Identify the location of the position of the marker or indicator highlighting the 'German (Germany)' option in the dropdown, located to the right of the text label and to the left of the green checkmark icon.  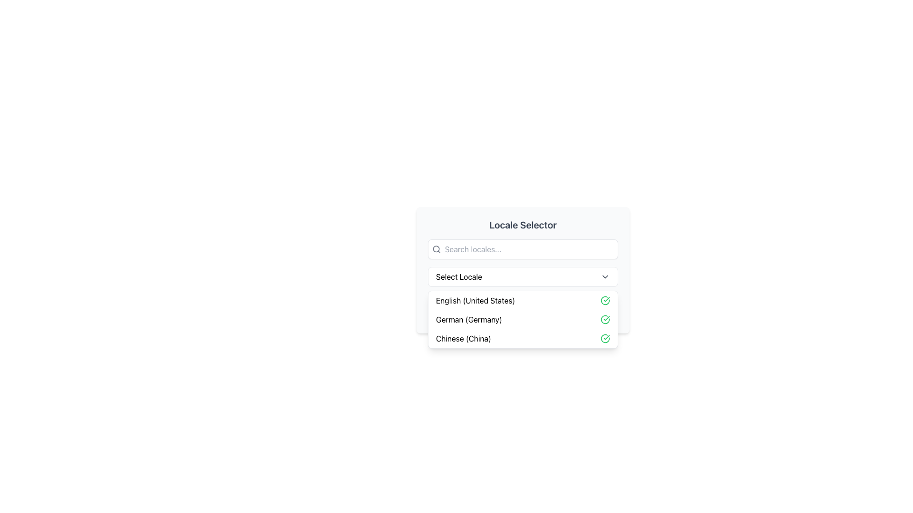
(569, 312).